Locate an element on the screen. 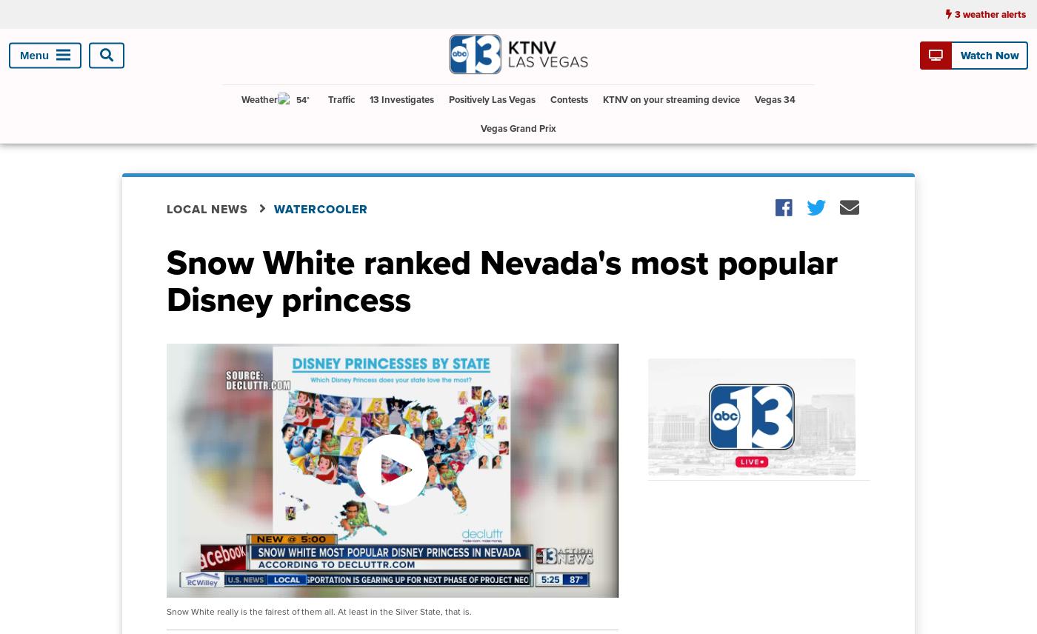  '13 Investigates' is located at coordinates (401, 99).